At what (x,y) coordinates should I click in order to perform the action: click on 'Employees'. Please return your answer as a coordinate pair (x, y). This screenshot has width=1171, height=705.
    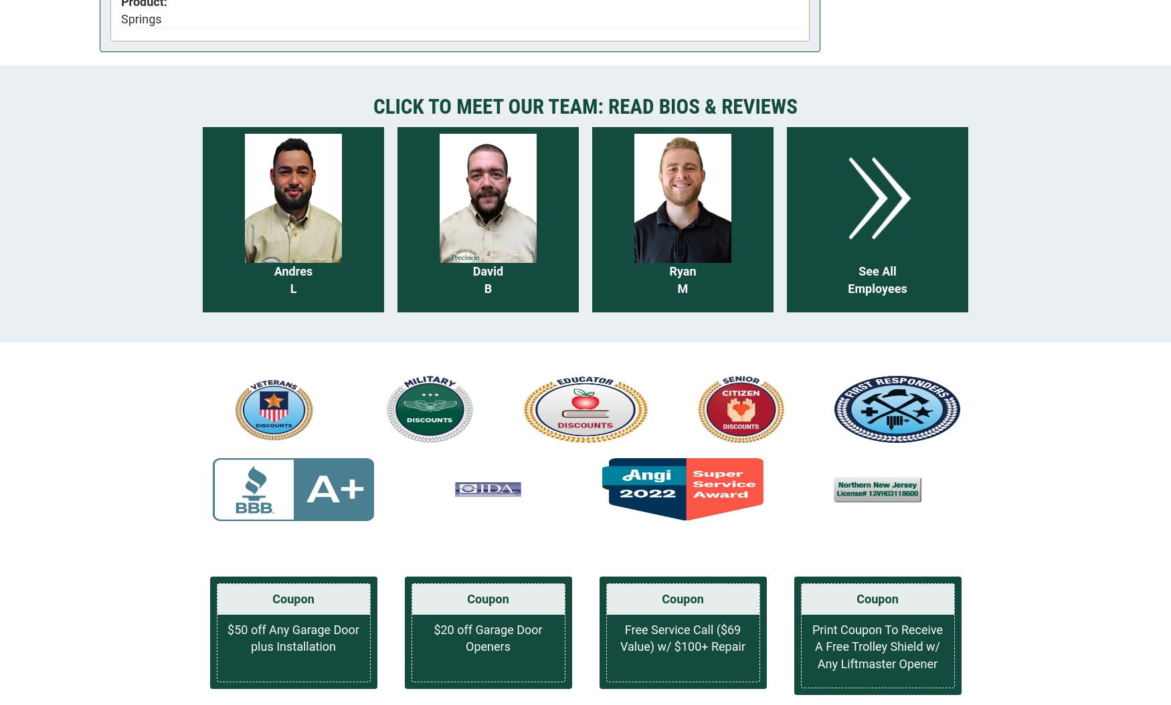
    Looking at the image, I should click on (847, 288).